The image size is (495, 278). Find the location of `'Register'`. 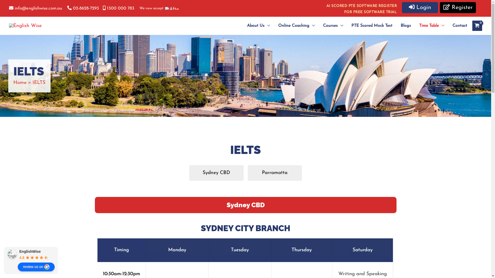

'Register' is located at coordinates (458, 7).